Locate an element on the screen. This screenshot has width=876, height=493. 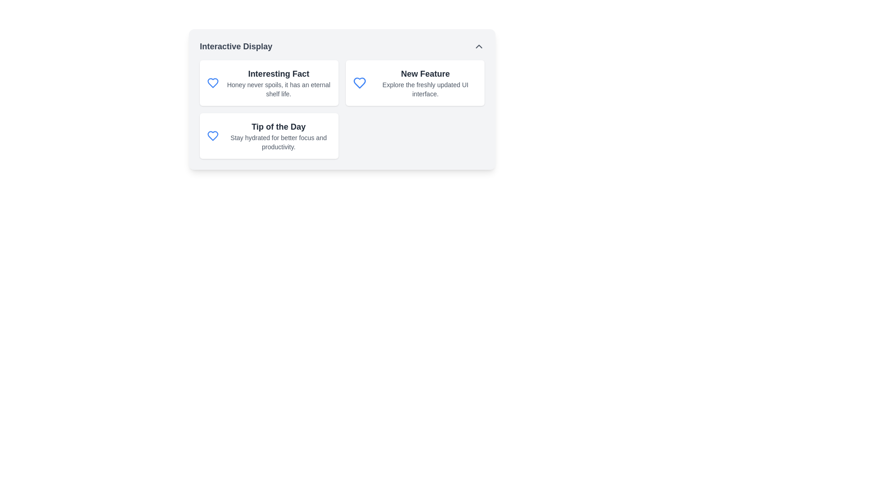
the text snippet that reads 'Stay hydrated for better focus and productivity.' positioned beneath the bold title 'Tip of the Day' in a card layout is located at coordinates (278, 142).